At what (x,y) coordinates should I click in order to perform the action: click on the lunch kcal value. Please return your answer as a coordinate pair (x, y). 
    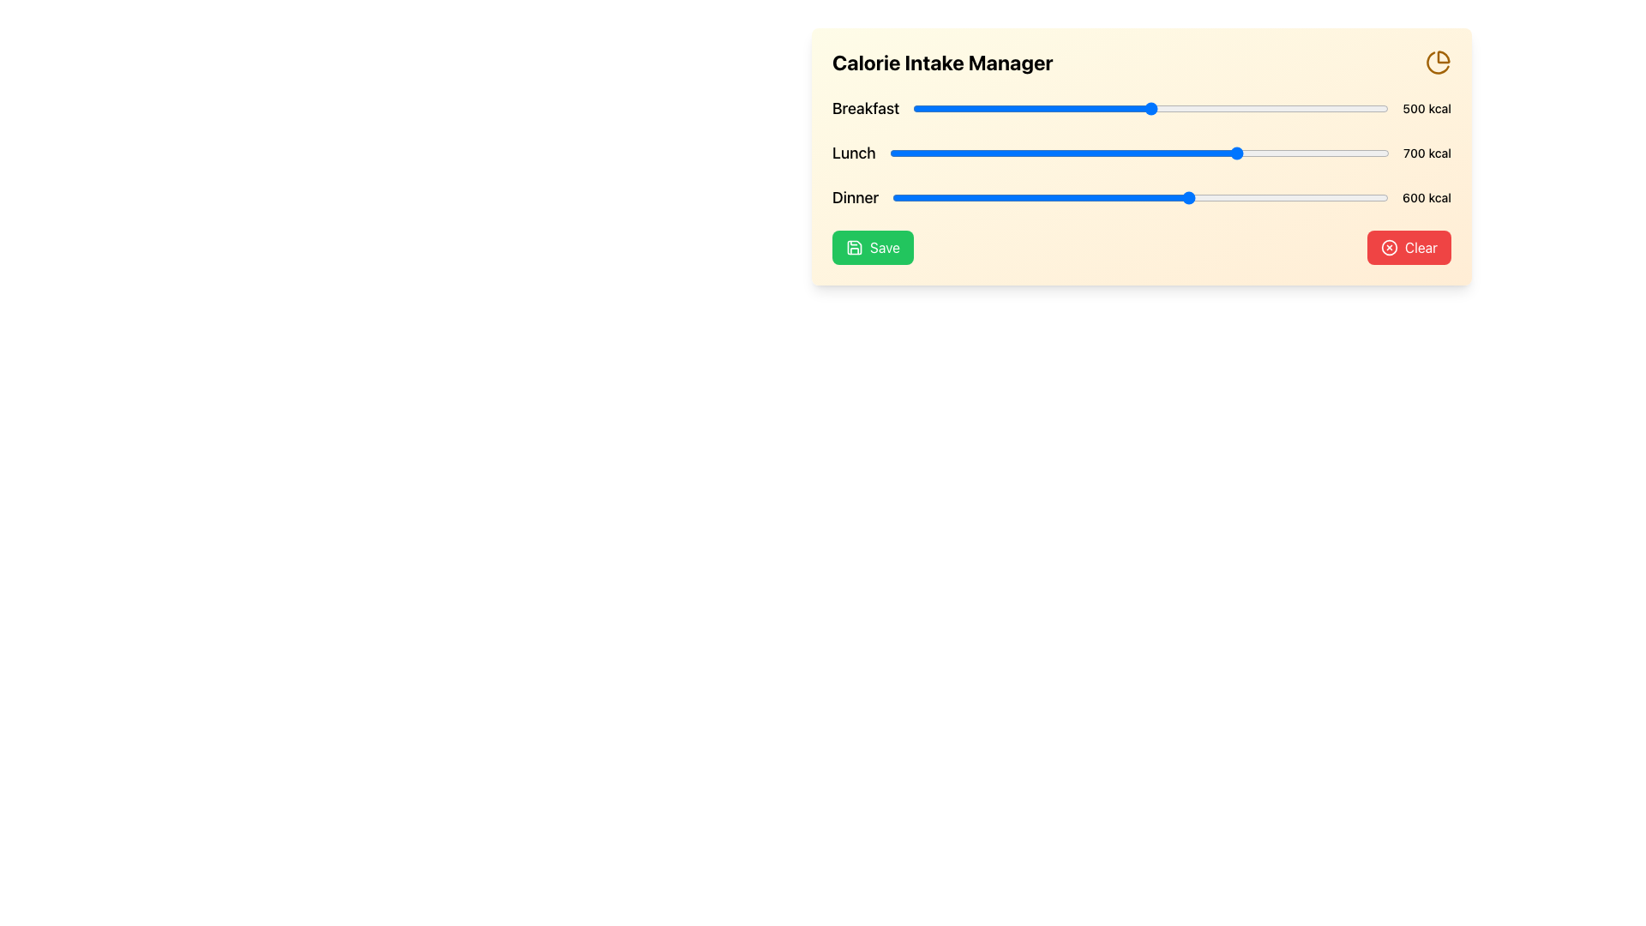
    Looking at the image, I should click on (1309, 152).